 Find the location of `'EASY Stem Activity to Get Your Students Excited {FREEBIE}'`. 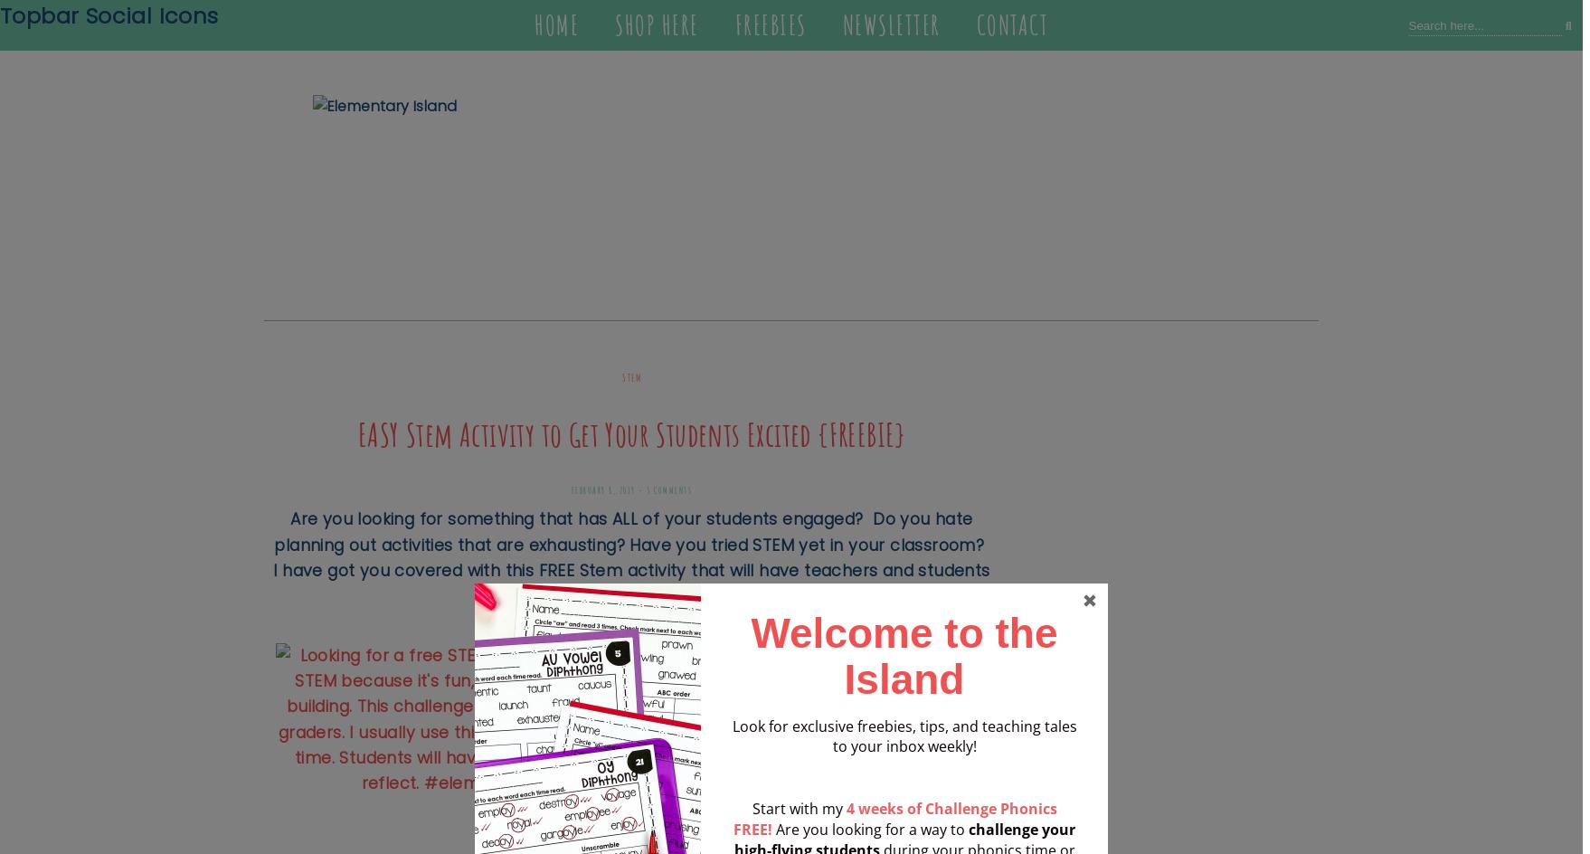

'EASY Stem Activity to Get Your Students Excited {FREEBIE}' is located at coordinates (630, 434).